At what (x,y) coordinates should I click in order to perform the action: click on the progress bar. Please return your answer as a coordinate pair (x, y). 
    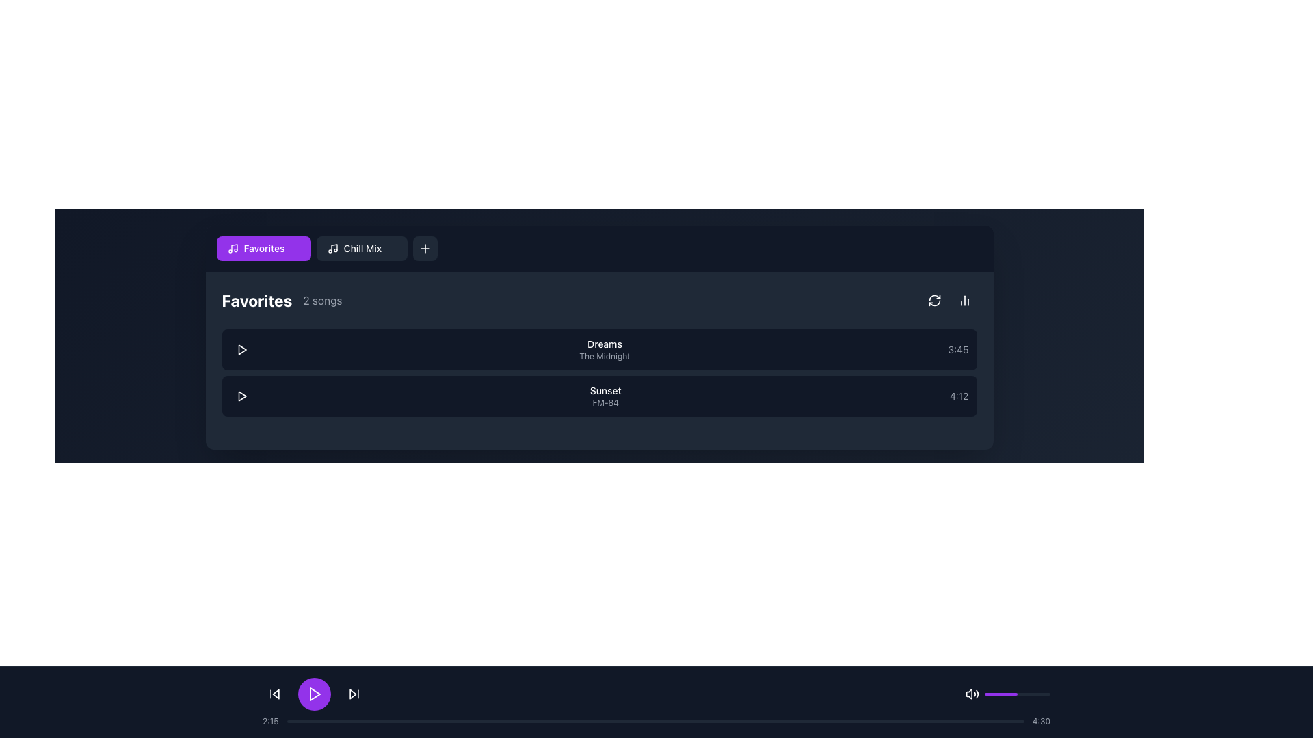
    Looking at the image, I should click on (529, 721).